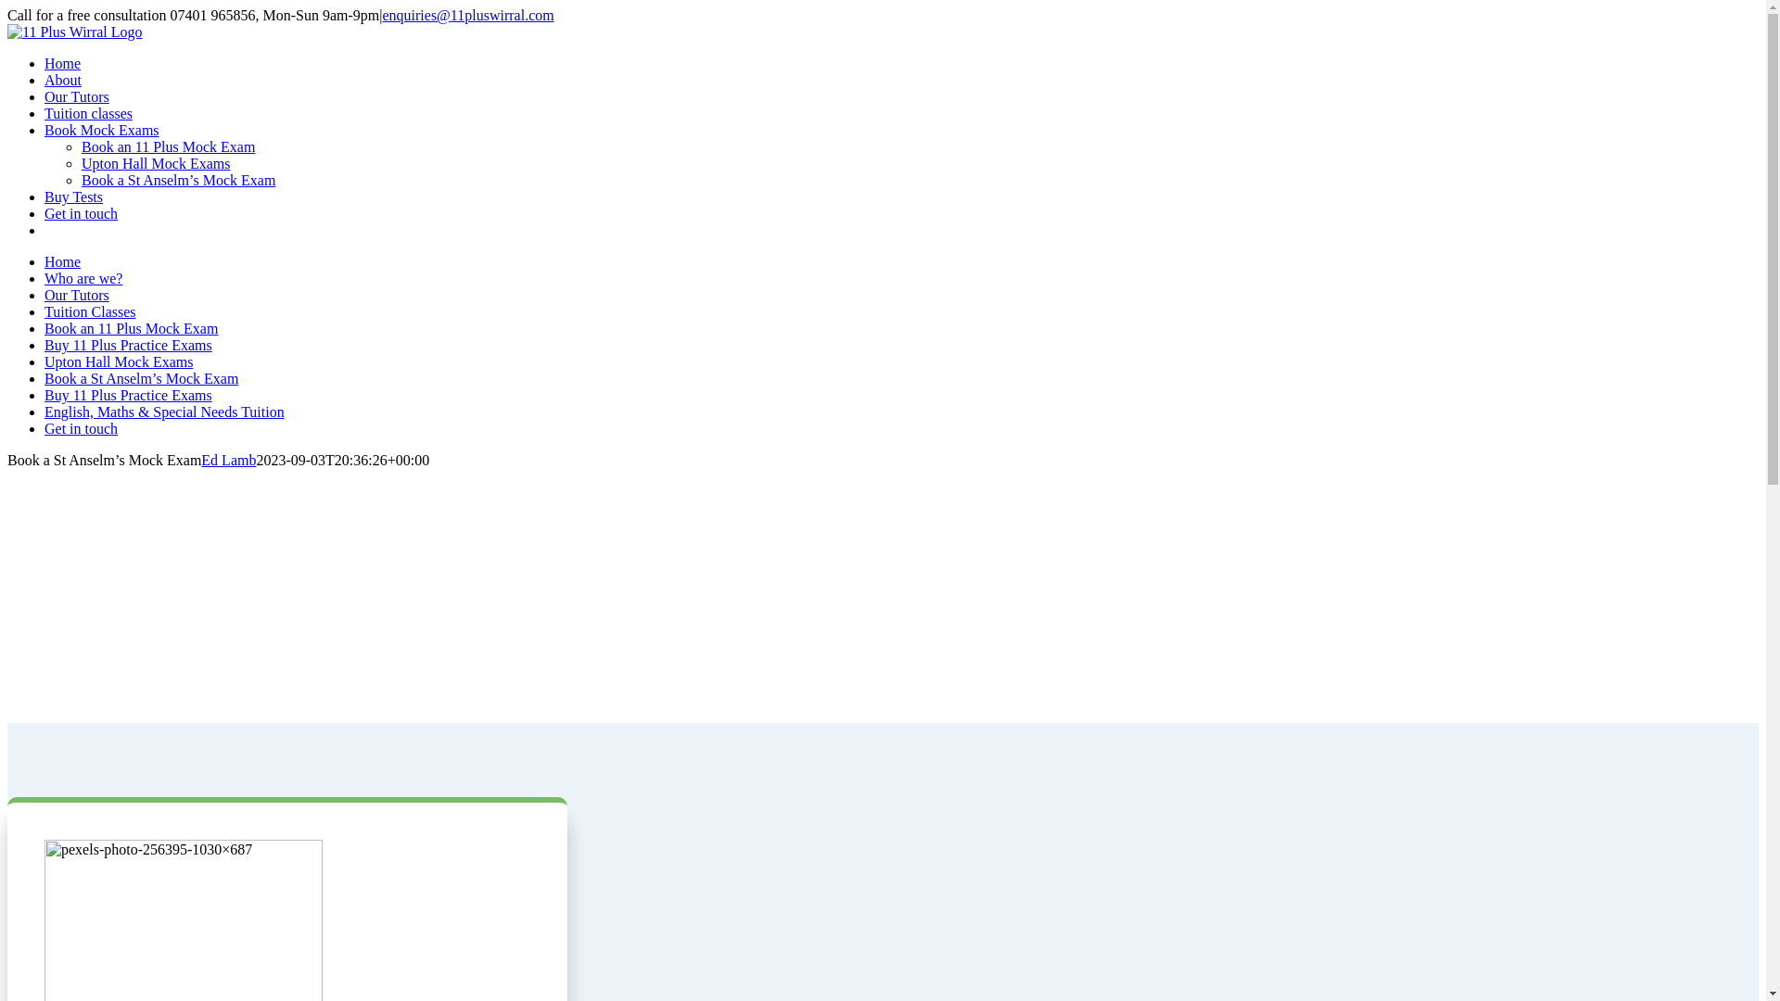 The width and height of the screenshot is (1780, 1001). I want to click on 'enquiries@11pluswirral.com', so click(381, 15).